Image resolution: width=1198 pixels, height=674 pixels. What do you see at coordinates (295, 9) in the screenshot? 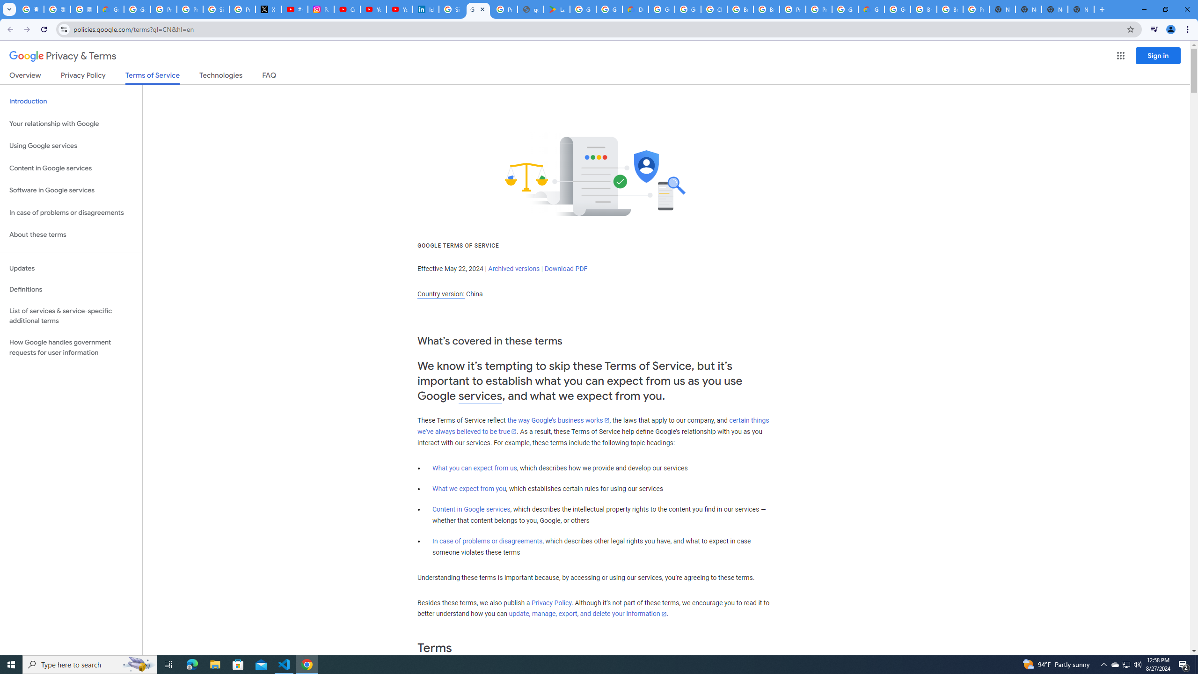
I see `'#nbabasketballhighlights - YouTube'` at bounding box center [295, 9].